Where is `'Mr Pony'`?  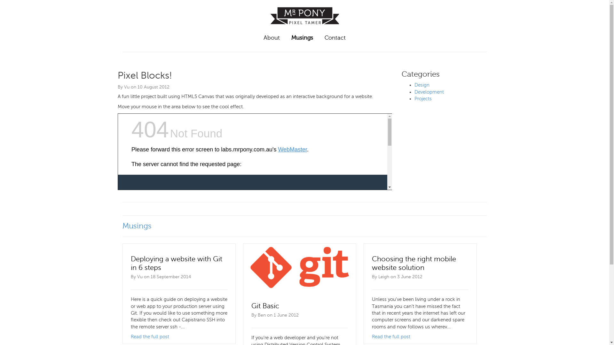 'Mr Pony' is located at coordinates (304, 27).